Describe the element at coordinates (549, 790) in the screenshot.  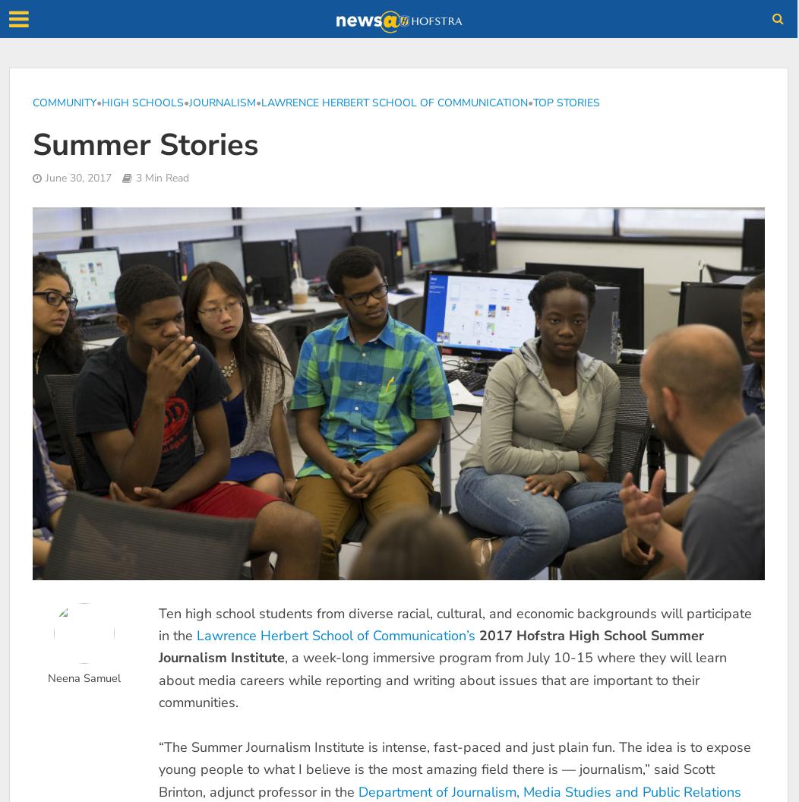
I see `'Department of Journalism, Media Studies and Public Relations'` at that location.